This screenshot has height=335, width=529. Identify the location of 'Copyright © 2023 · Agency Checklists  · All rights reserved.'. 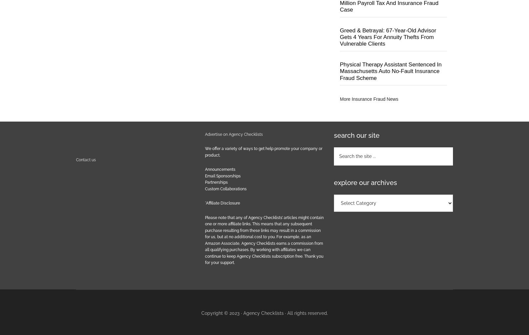
(264, 313).